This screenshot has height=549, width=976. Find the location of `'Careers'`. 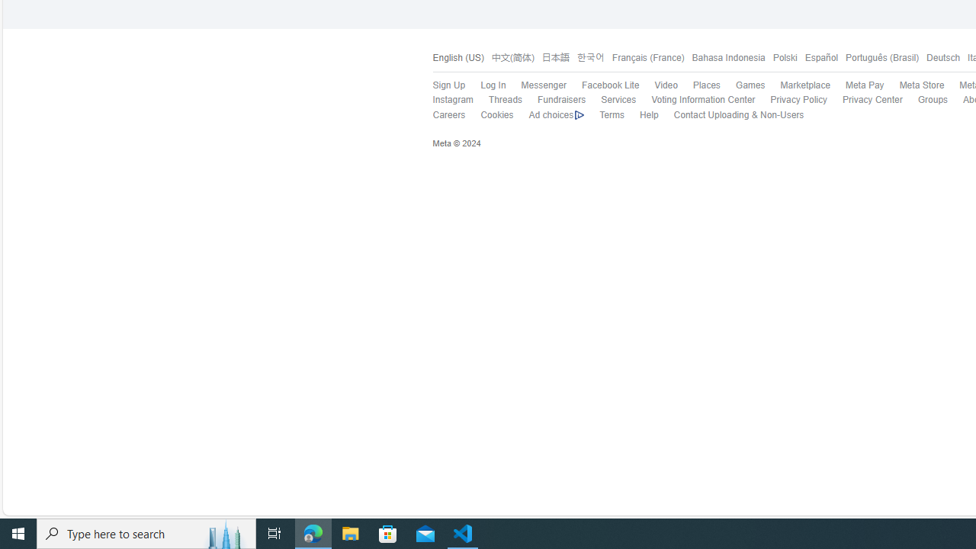

'Careers' is located at coordinates (440, 114).